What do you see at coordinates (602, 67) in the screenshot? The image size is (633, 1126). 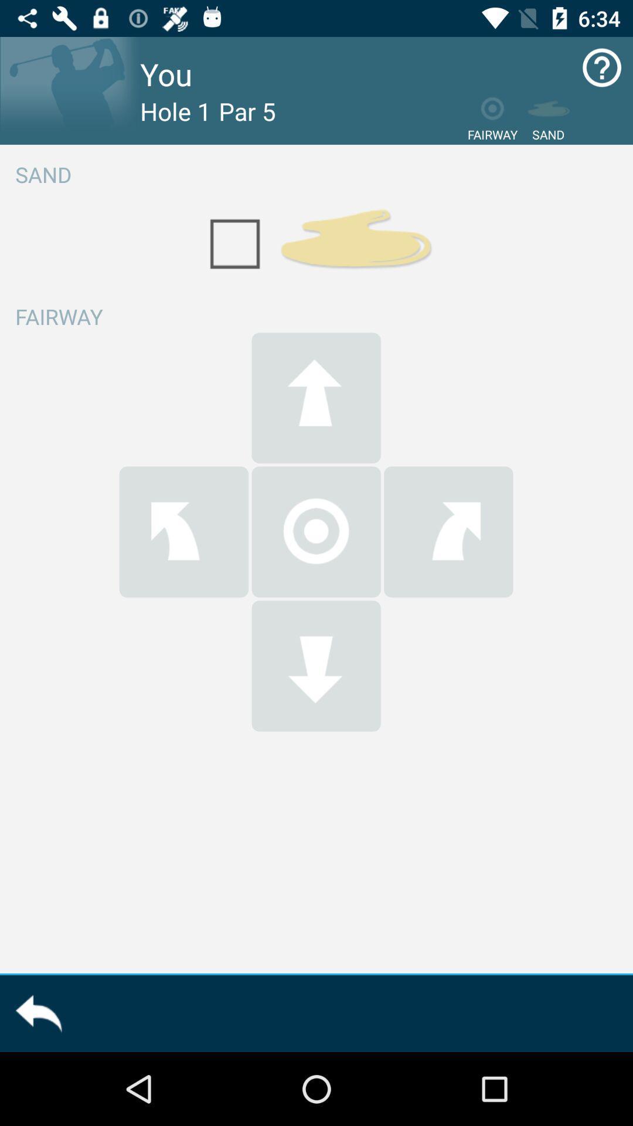 I see `the icon at top right corner of the page` at bounding box center [602, 67].